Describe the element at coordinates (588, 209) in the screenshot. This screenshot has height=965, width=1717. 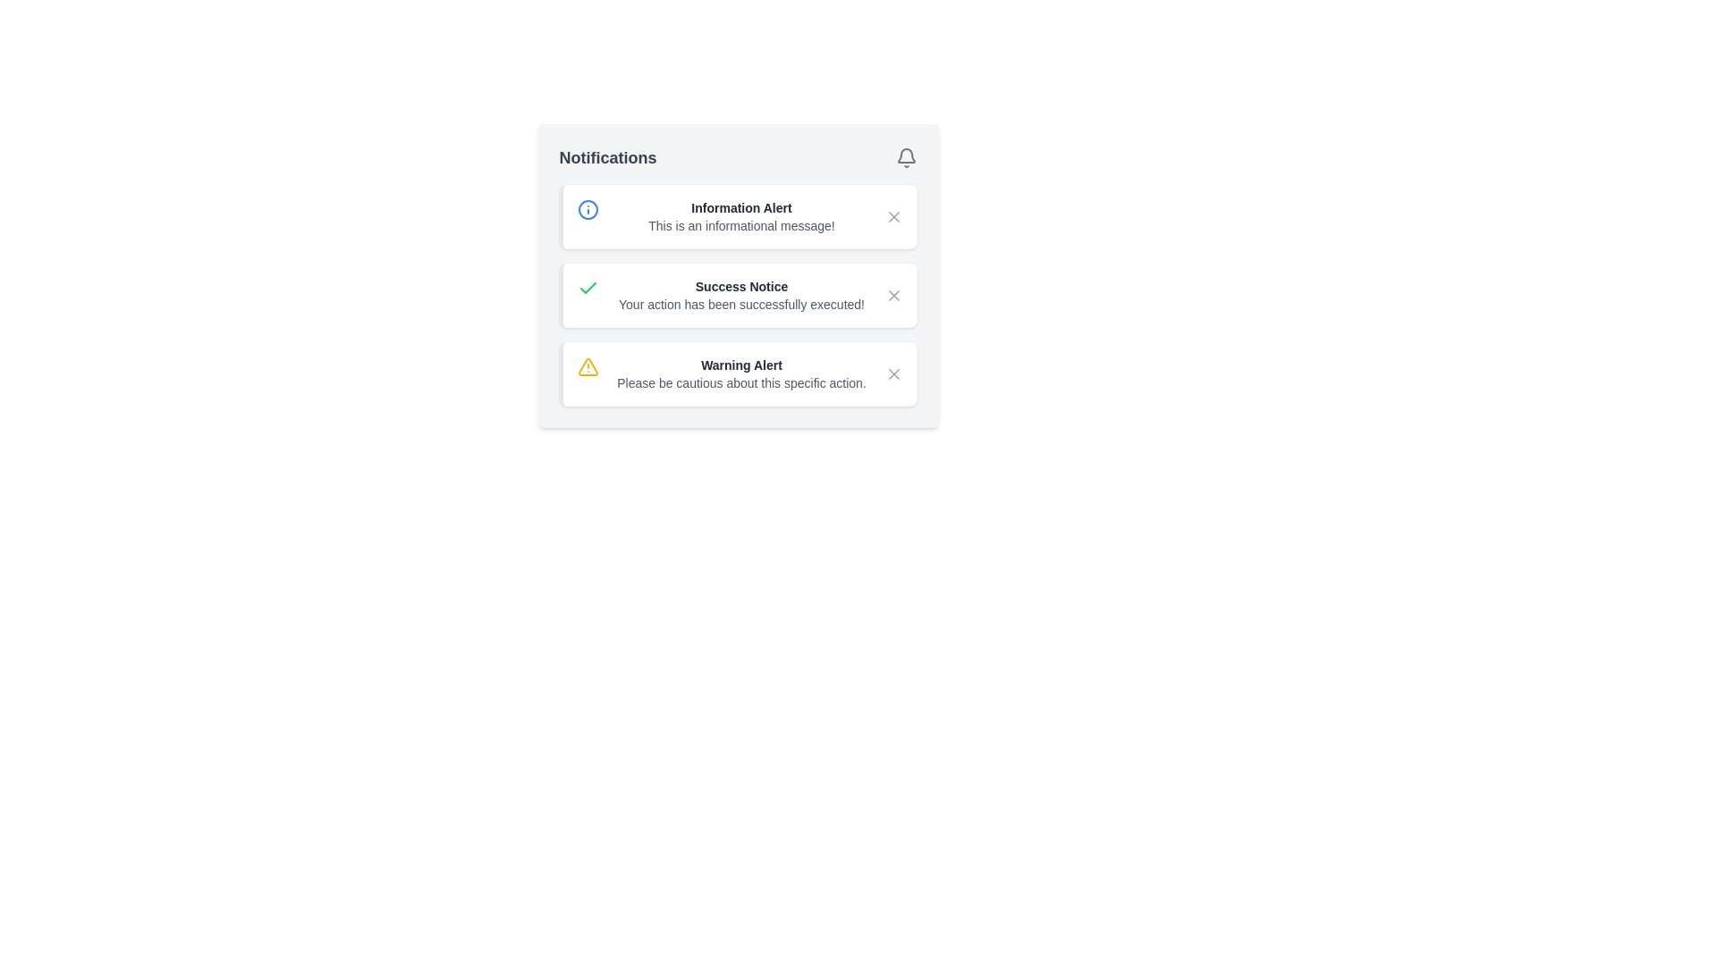
I see `the circular graphical element with a blue outline, which is part of the notifications list and located to the left of the 'Information Alert' text` at that location.